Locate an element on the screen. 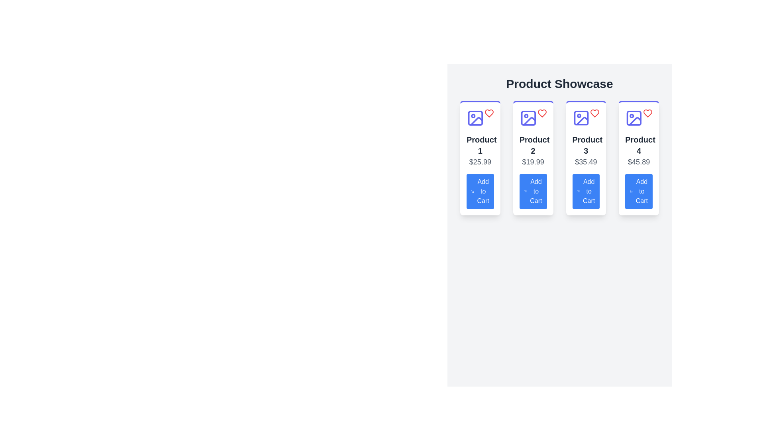 This screenshot has width=765, height=430. the favorite button located to the right of the image icon in the top-right corner of the card for 'Product 1' is located at coordinates (488, 113).